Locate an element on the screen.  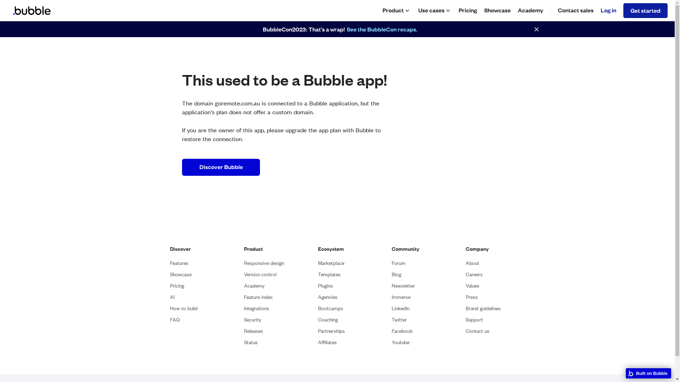
'Marketplace' is located at coordinates (331, 263).